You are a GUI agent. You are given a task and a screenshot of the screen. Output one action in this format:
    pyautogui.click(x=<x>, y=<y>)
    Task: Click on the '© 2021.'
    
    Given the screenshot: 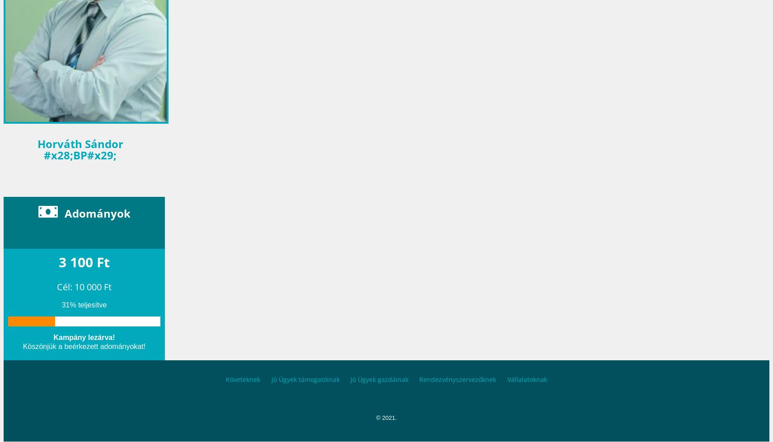 What is the action you would take?
    pyautogui.click(x=385, y=417)
    